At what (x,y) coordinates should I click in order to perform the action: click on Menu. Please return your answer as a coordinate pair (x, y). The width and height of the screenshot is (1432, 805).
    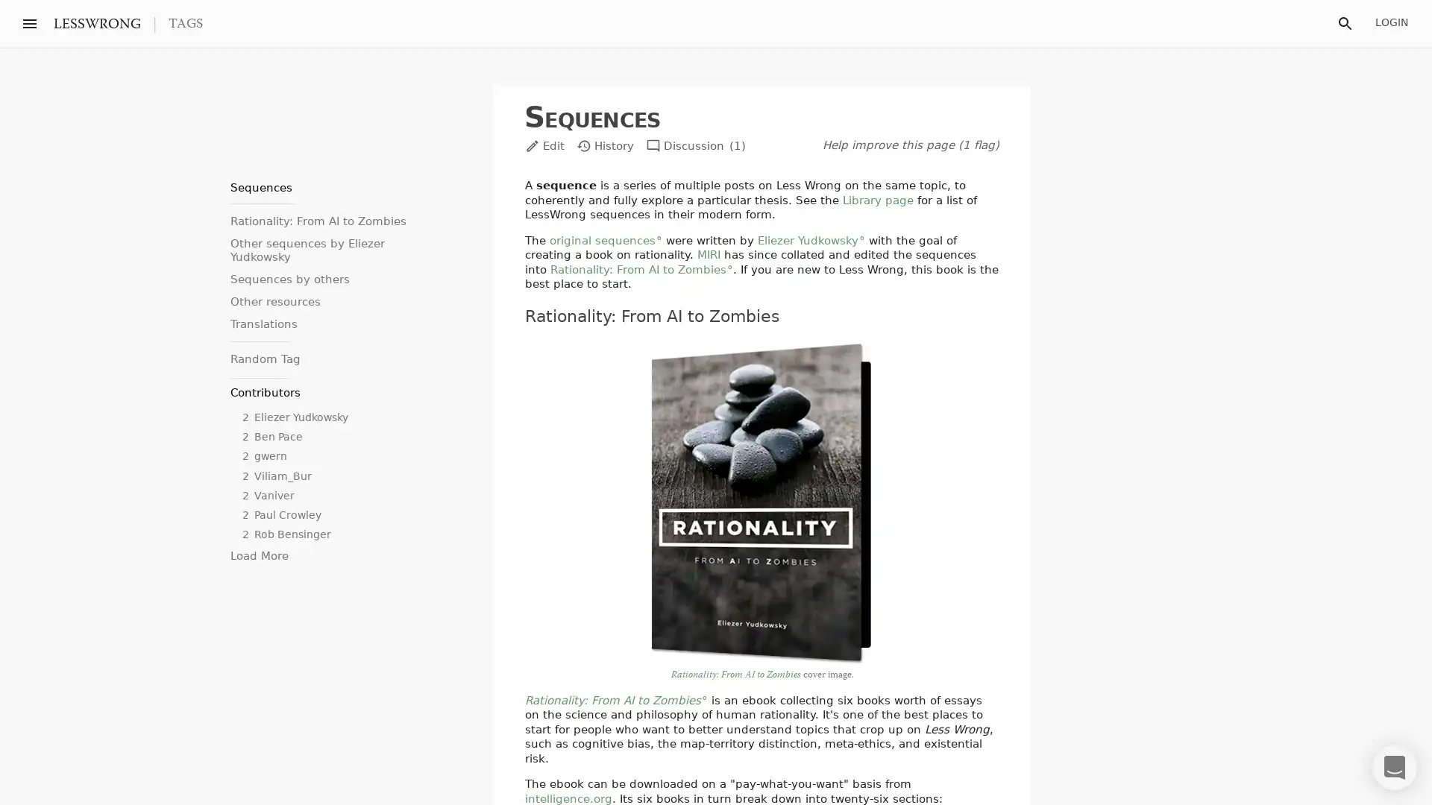
    Looking at the image, I should click on (29, 23).